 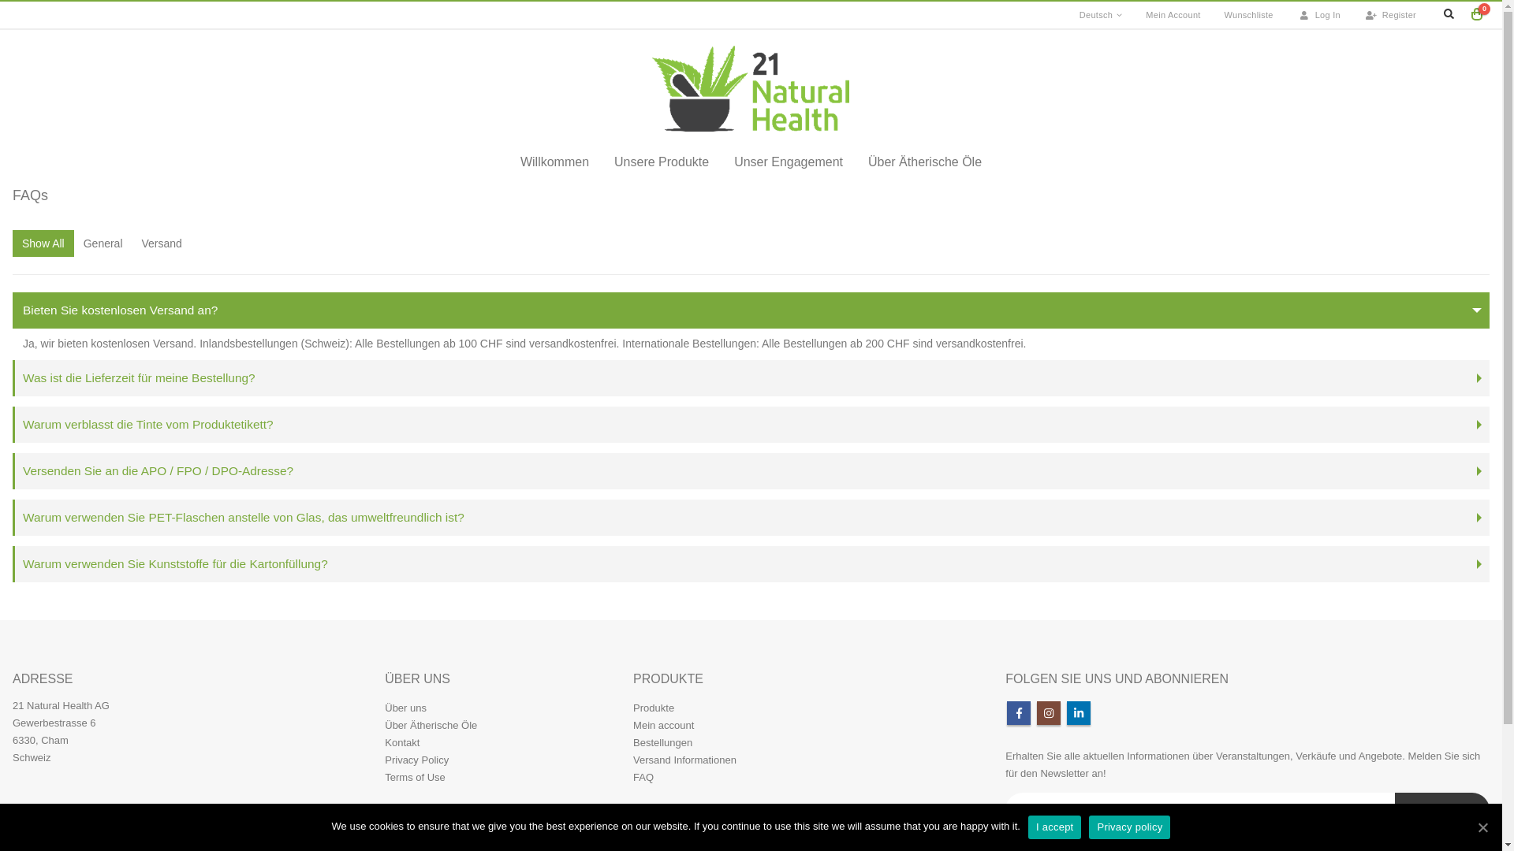 What do you see at coordinates (788, 162) in the screenshot?
I see `'Unser Engagement'` at bounding box center [788, 162].